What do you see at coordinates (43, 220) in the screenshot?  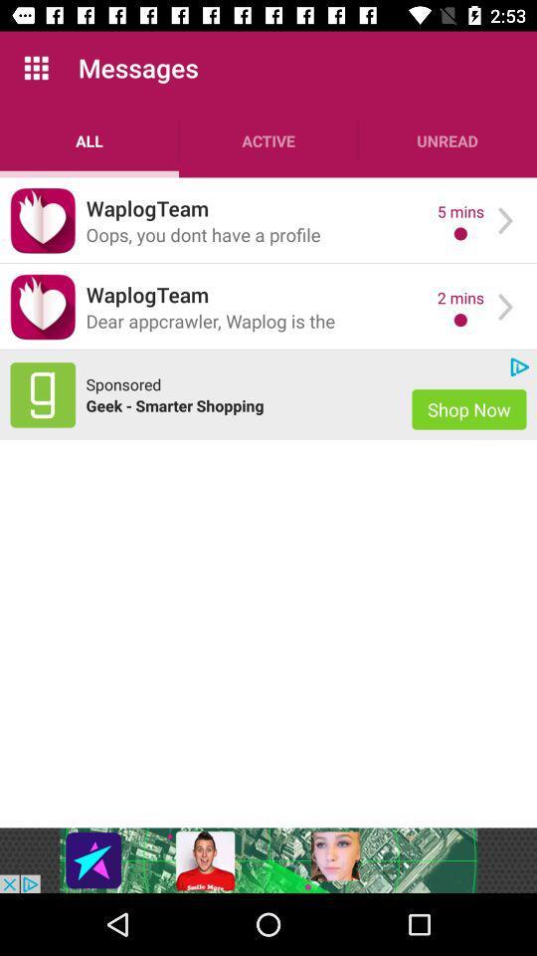 I see `profile icon` at bounding box center [43, 220].